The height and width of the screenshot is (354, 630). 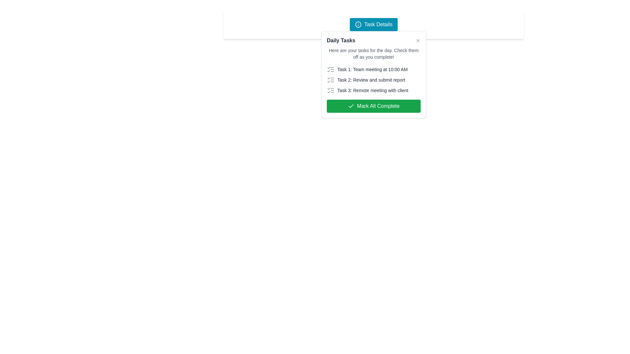 I want to click on or click on the individual tasks within the 'Daily Tasks' component, which is a composite UI element that includes text, icons, and a 'Mark All Complete' button, so click(x=373, y=74).